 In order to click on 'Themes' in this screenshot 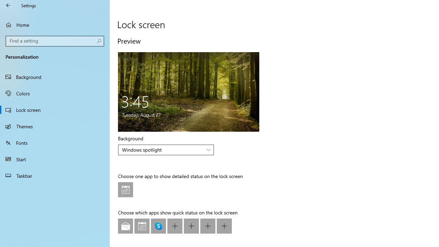, I will do `click(55, 126)`.